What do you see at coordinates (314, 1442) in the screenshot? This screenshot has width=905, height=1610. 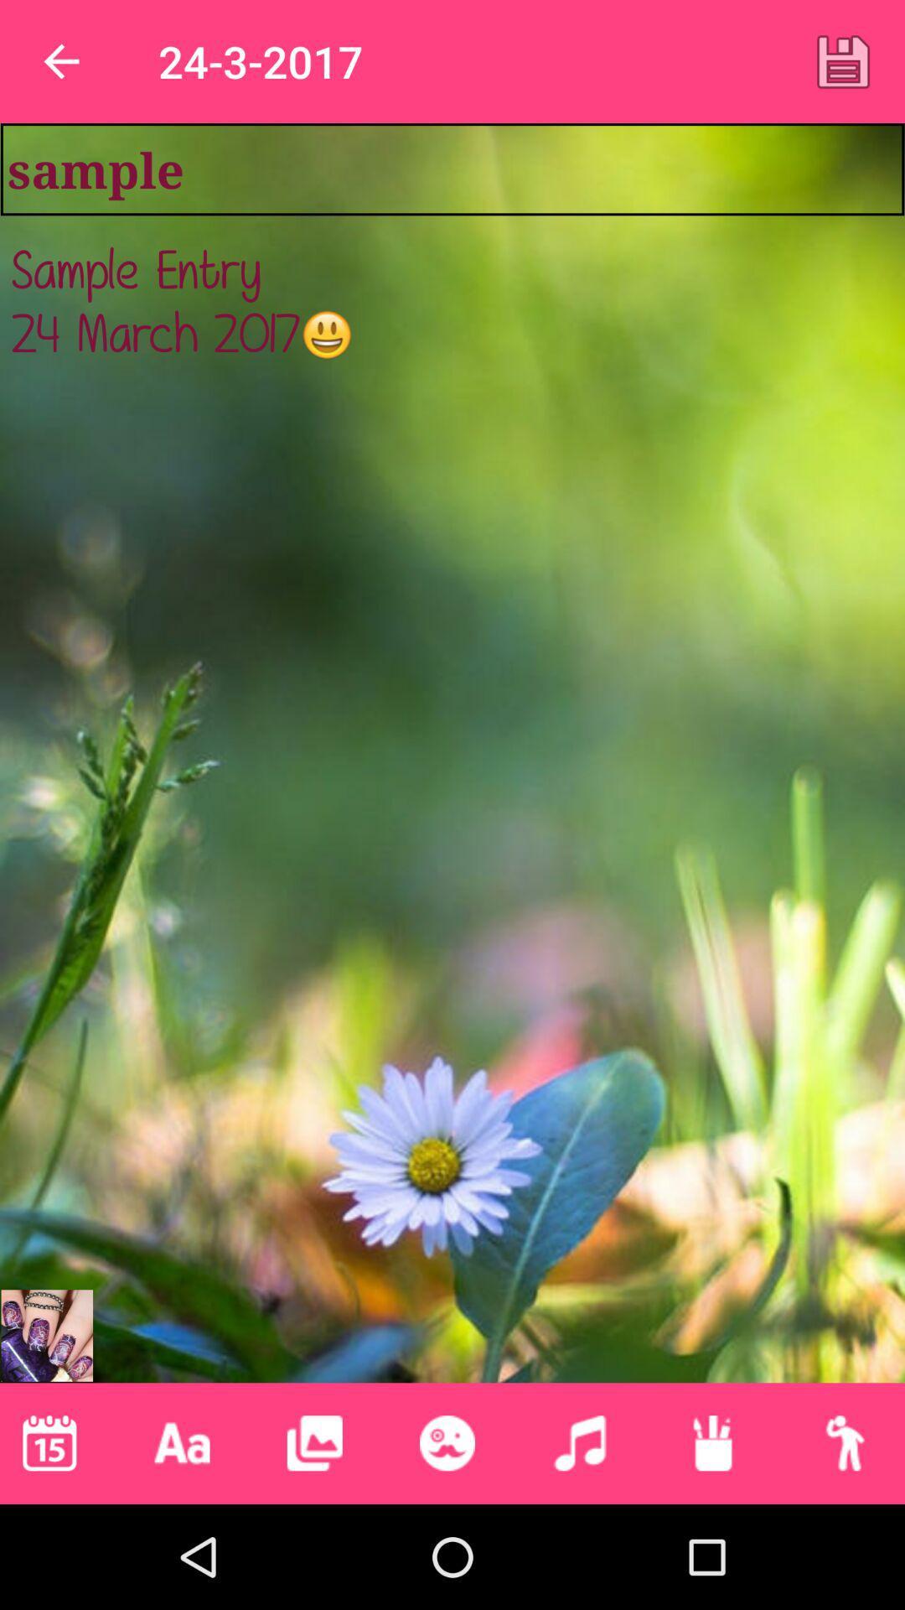 I see `displays more pictures` at bounding box center [314, 1442].